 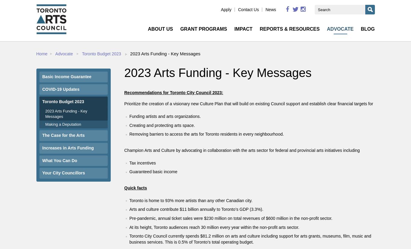 What do you see at coordinates (231, 218) in the screenshot?
I see `'Pre-pandemic, annual ticket sales were $230 million on total revenues of $600 million in the non-profit sector.'` at bounding box center [231, 218].